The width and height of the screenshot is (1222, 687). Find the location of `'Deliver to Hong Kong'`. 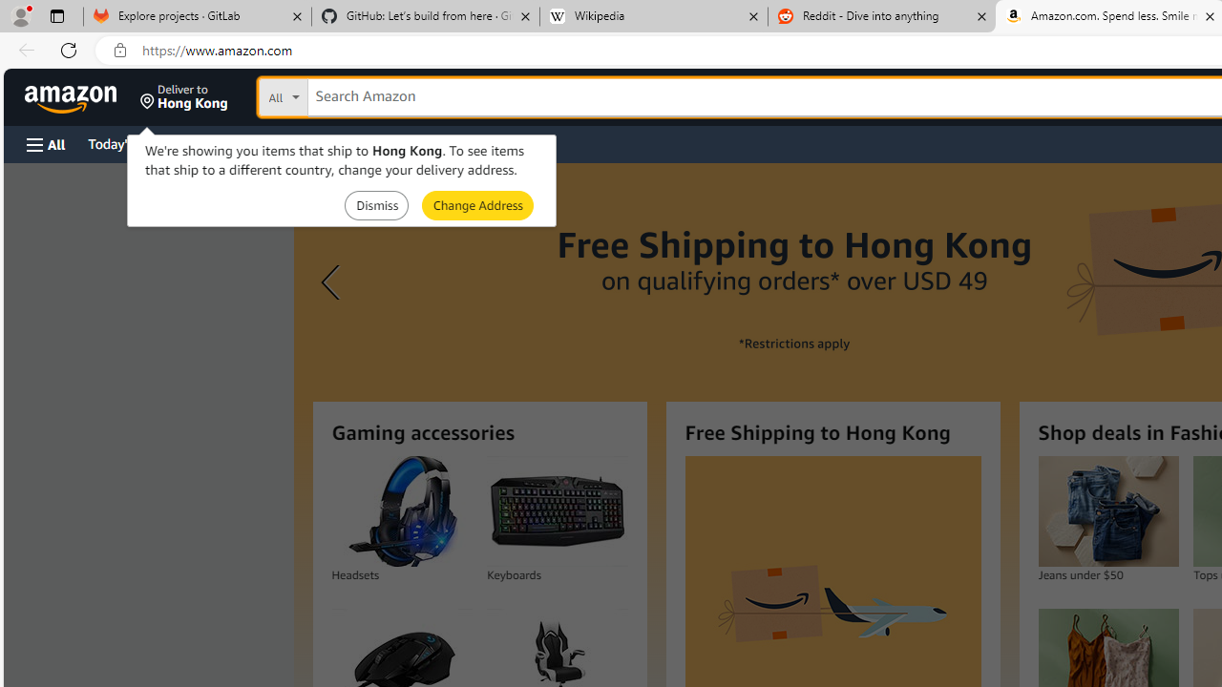

'Deliver to Hong Kong' is located at coordinates (184, 96).